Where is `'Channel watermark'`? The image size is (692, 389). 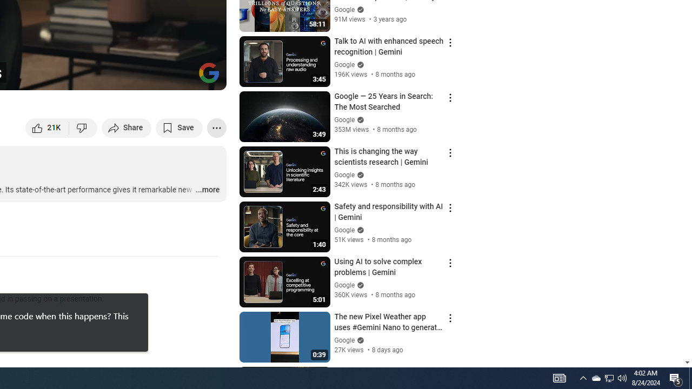 'Channel watermark' is located at coordinates (209, 73).